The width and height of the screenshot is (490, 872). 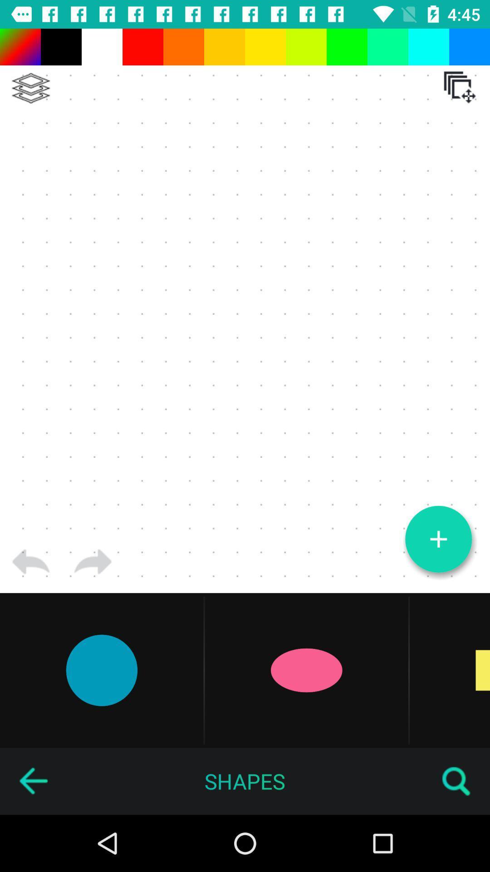 I want to click on undo an undo, so click(x=93, y=561).